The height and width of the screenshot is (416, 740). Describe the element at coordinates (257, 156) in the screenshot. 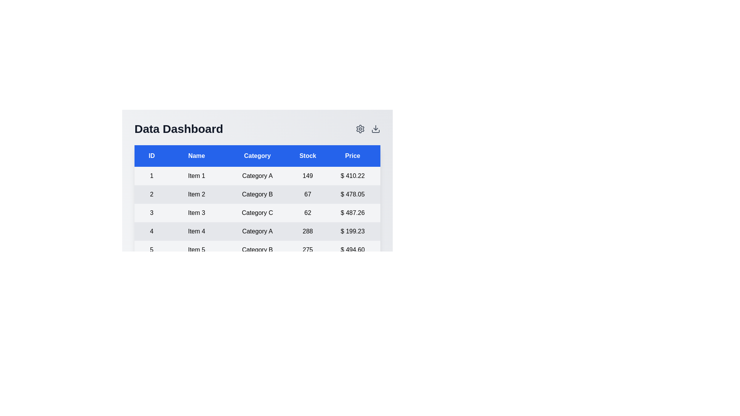

I see `the column header to sort the table by Category` at that location.